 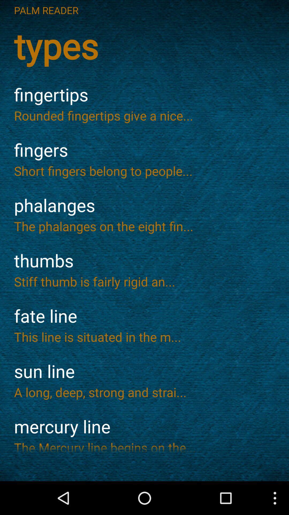 What do you see at coordinates (144, 392) in the screenshot?
I see `a long deep app` at bounding box center [144, 392].